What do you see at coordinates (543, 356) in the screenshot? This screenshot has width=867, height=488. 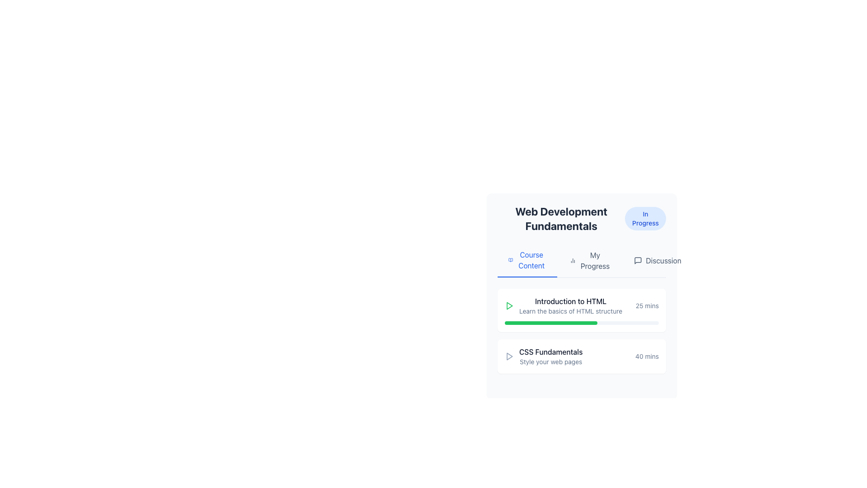 I see `the 'CSS Fundamentals' course module item, which features a bold title and a triangular play icon` at bounding box center [543, 356].